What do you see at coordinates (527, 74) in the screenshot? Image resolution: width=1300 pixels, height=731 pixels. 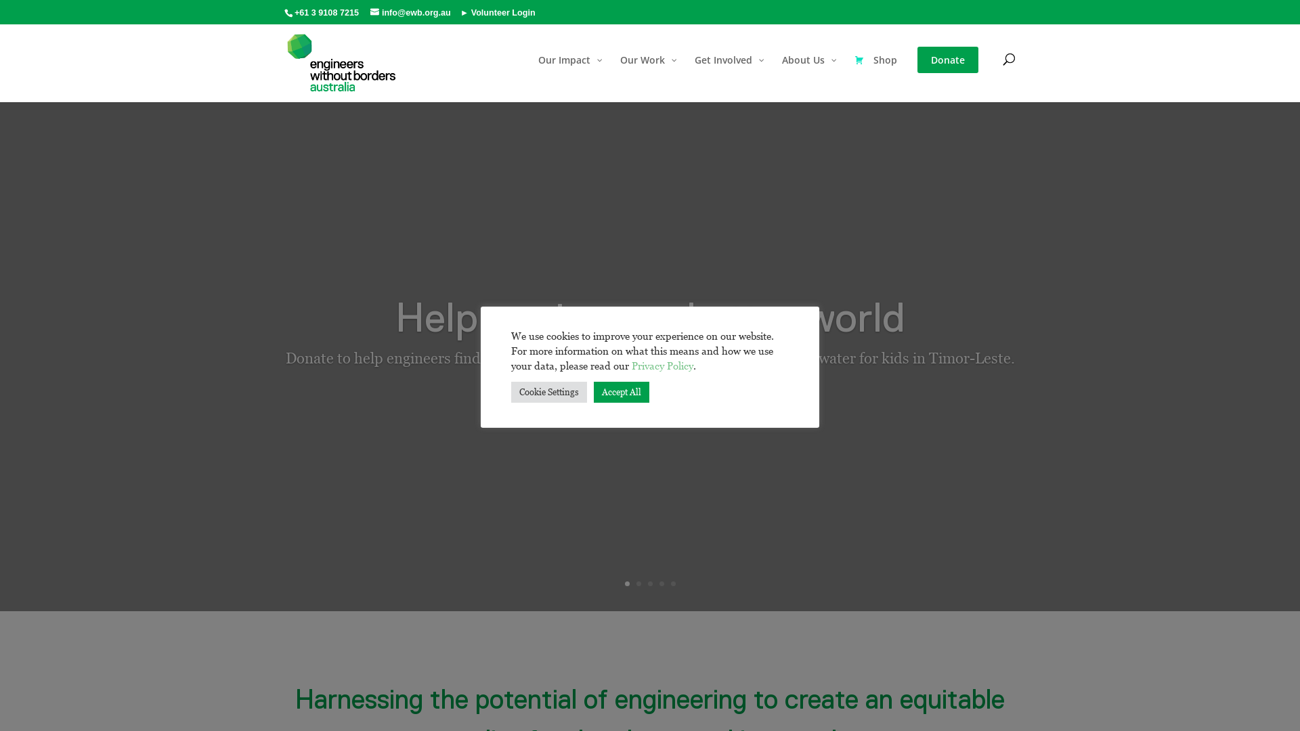 I see `'Our Impact'` at bounding box center [527, 74].